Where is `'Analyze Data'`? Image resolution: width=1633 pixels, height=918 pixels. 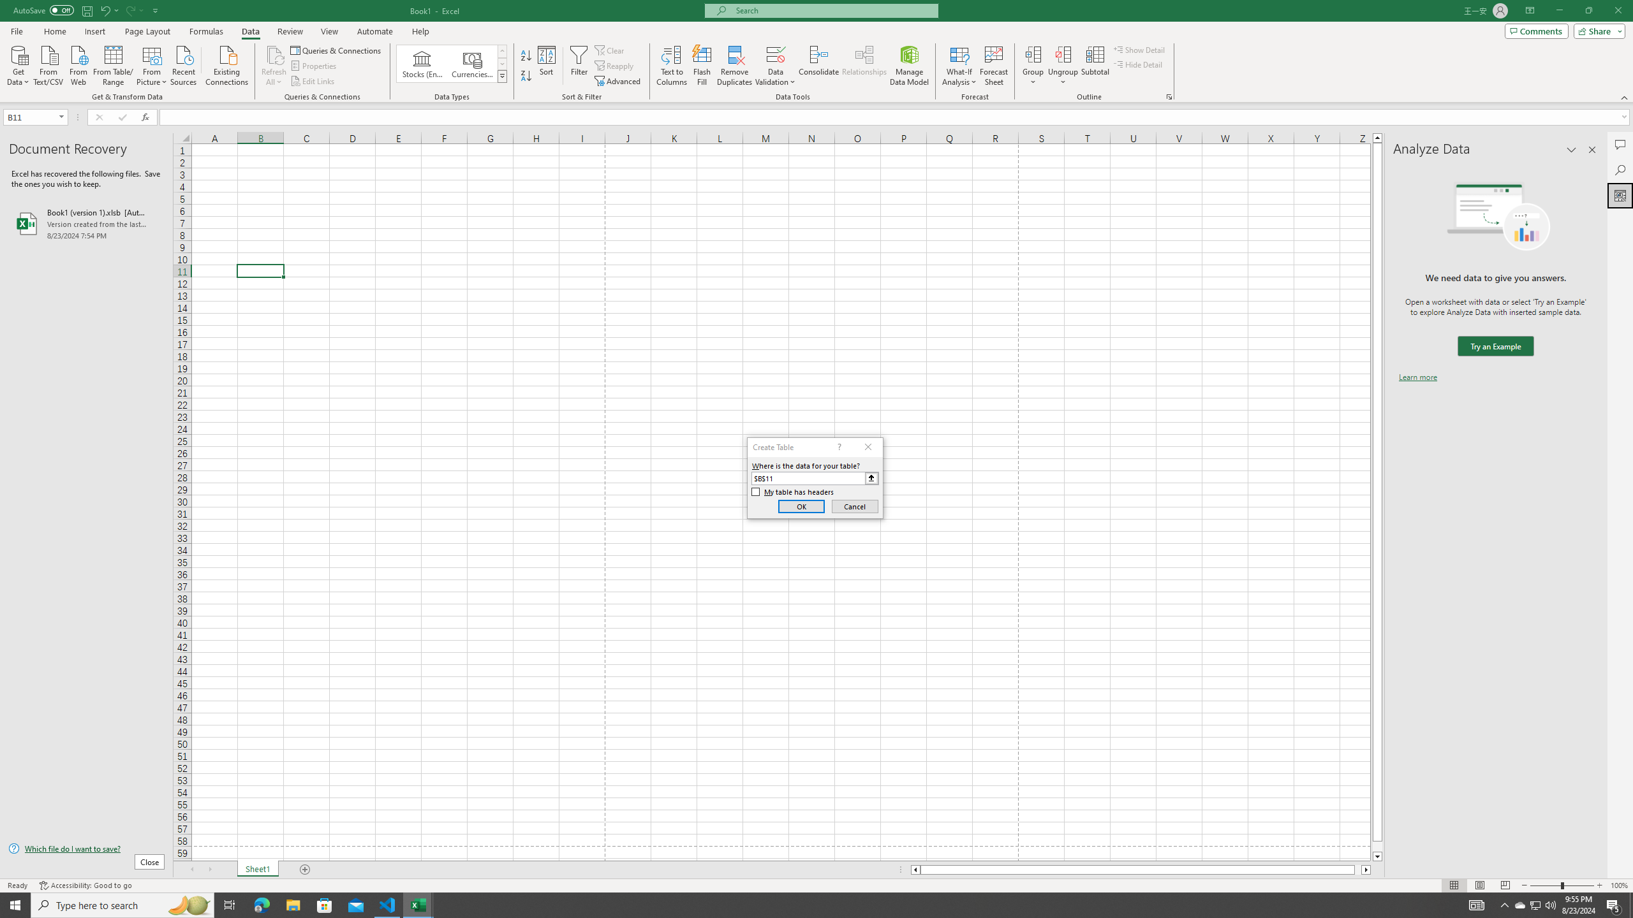 'Analyze Data' is located at coordinates (1620, 195).